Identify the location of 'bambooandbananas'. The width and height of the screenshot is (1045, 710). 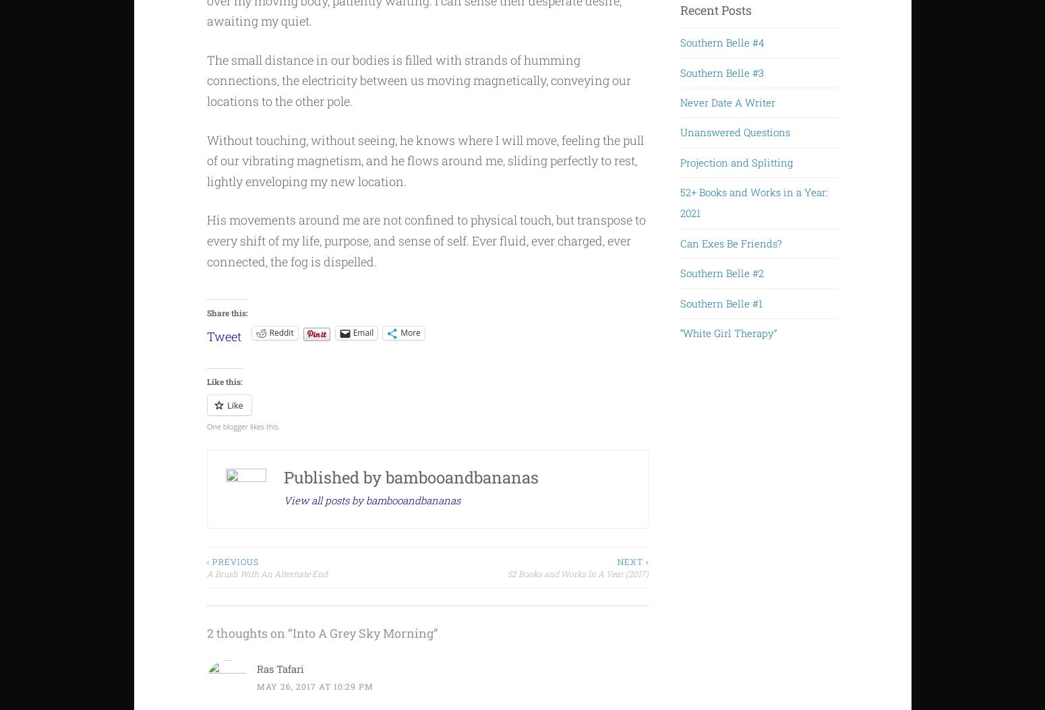
(385, 476).